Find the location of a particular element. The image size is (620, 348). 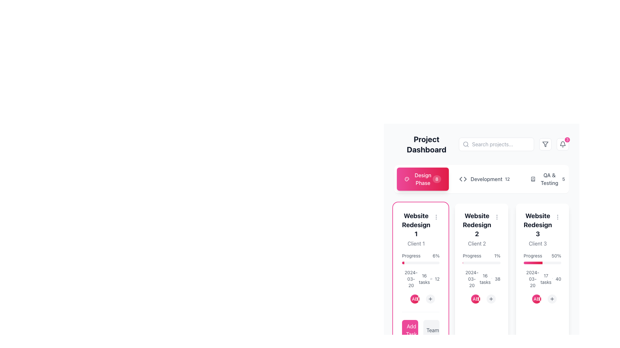

the add button is located at coordinates (481, 299).